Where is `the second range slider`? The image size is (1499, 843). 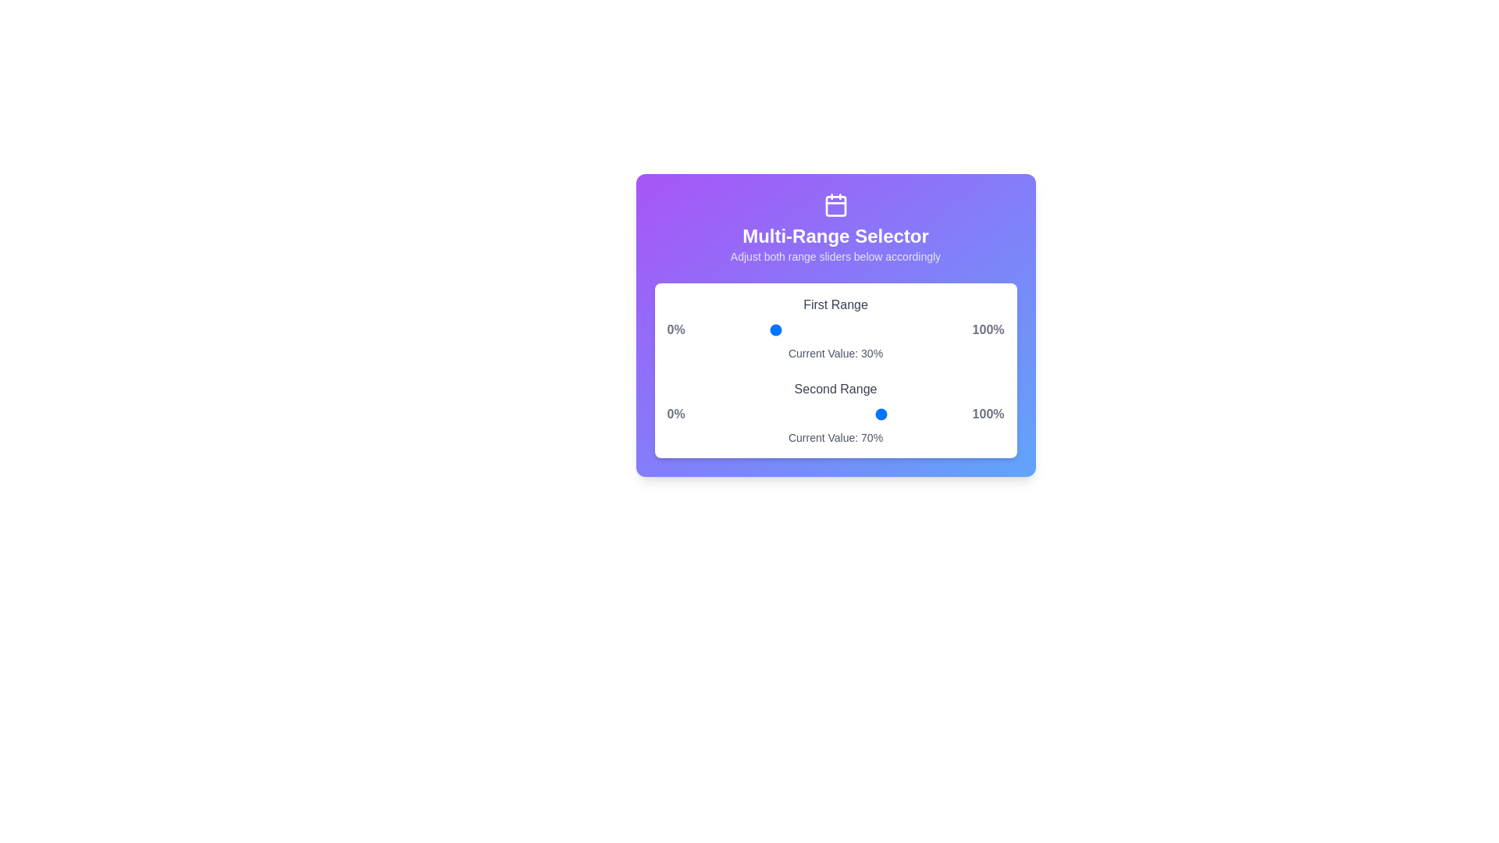 the second range slider is located at coordinates (913, 414).